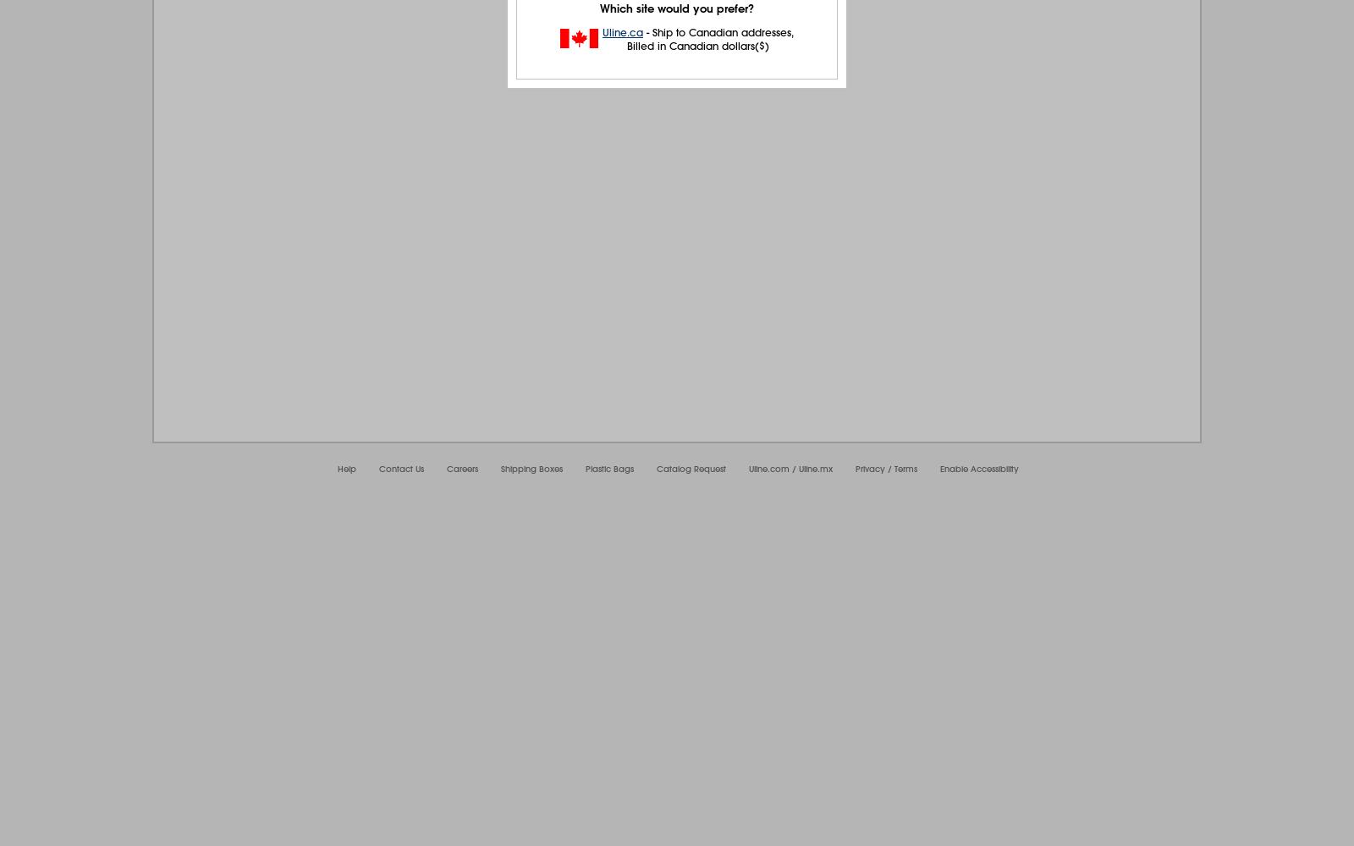  I want to click on 'Contact Us', so click(378, 469).